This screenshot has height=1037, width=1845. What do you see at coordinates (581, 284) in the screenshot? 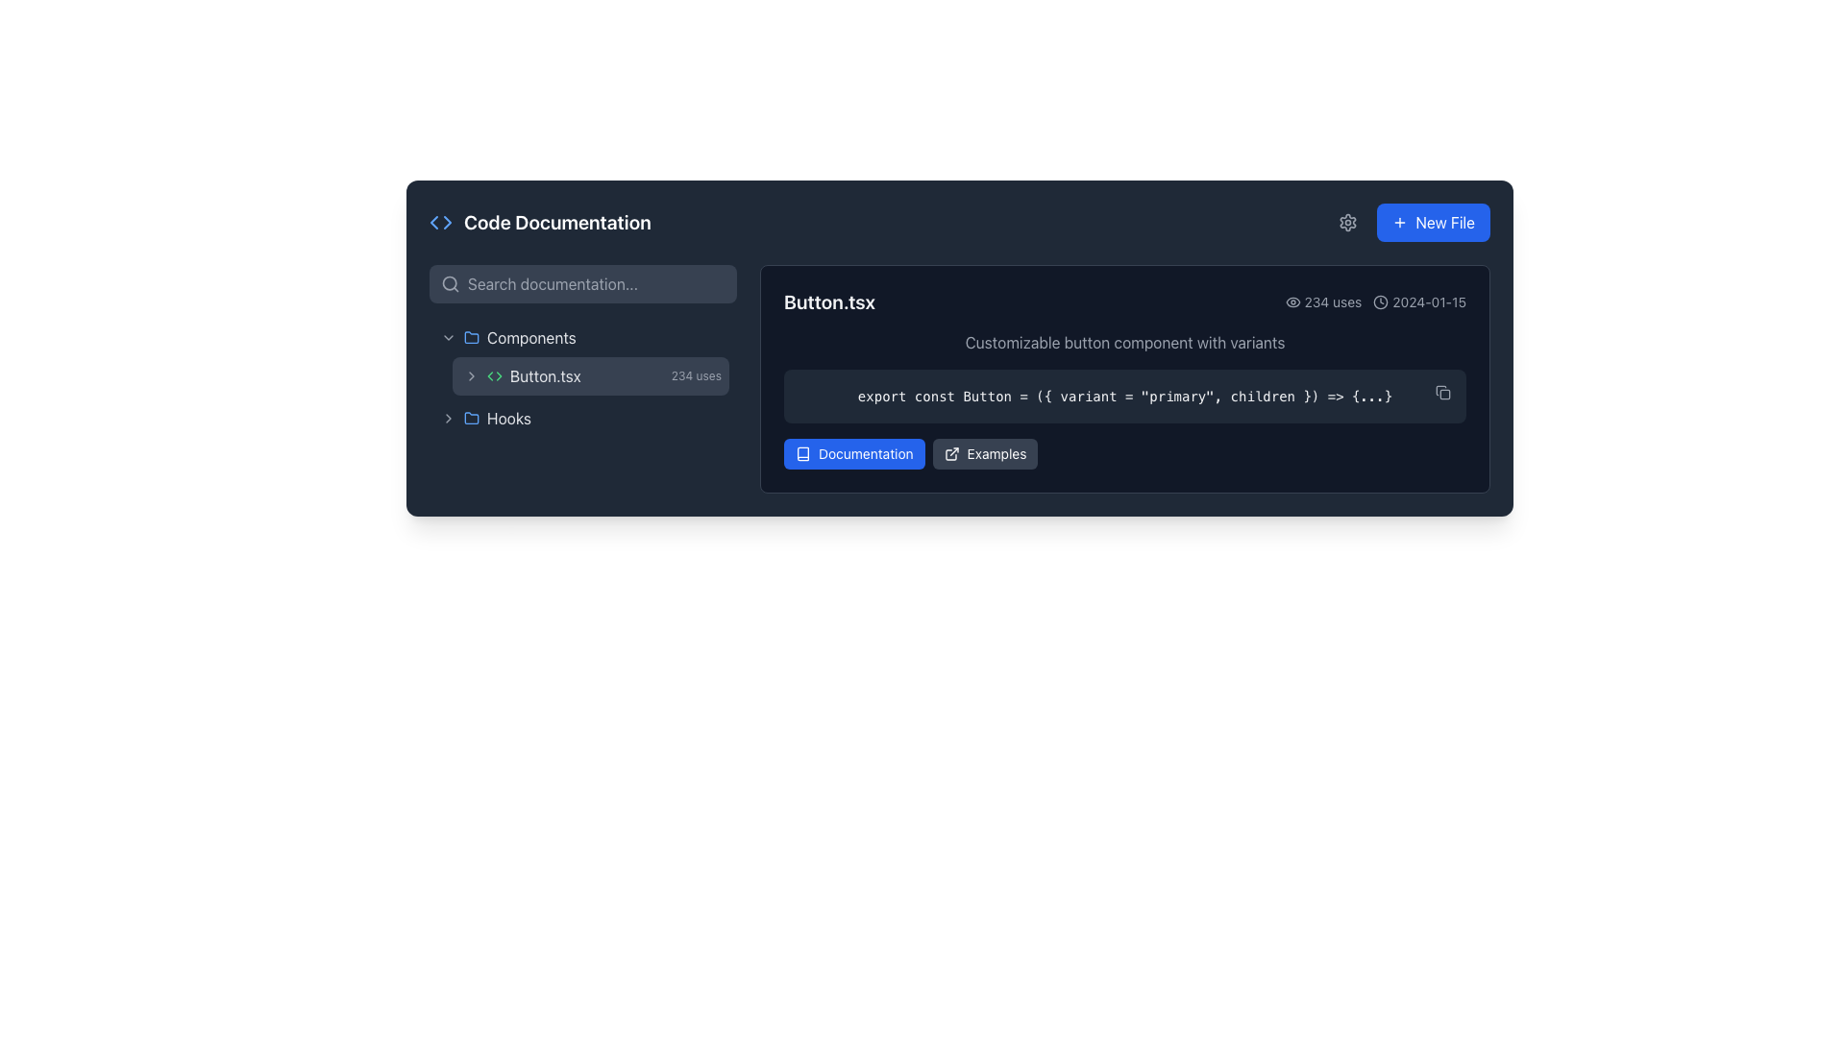
I see `the text input field located near the top-left corner of the 'Code Documentation' panel` at bounding box center [581, 284].